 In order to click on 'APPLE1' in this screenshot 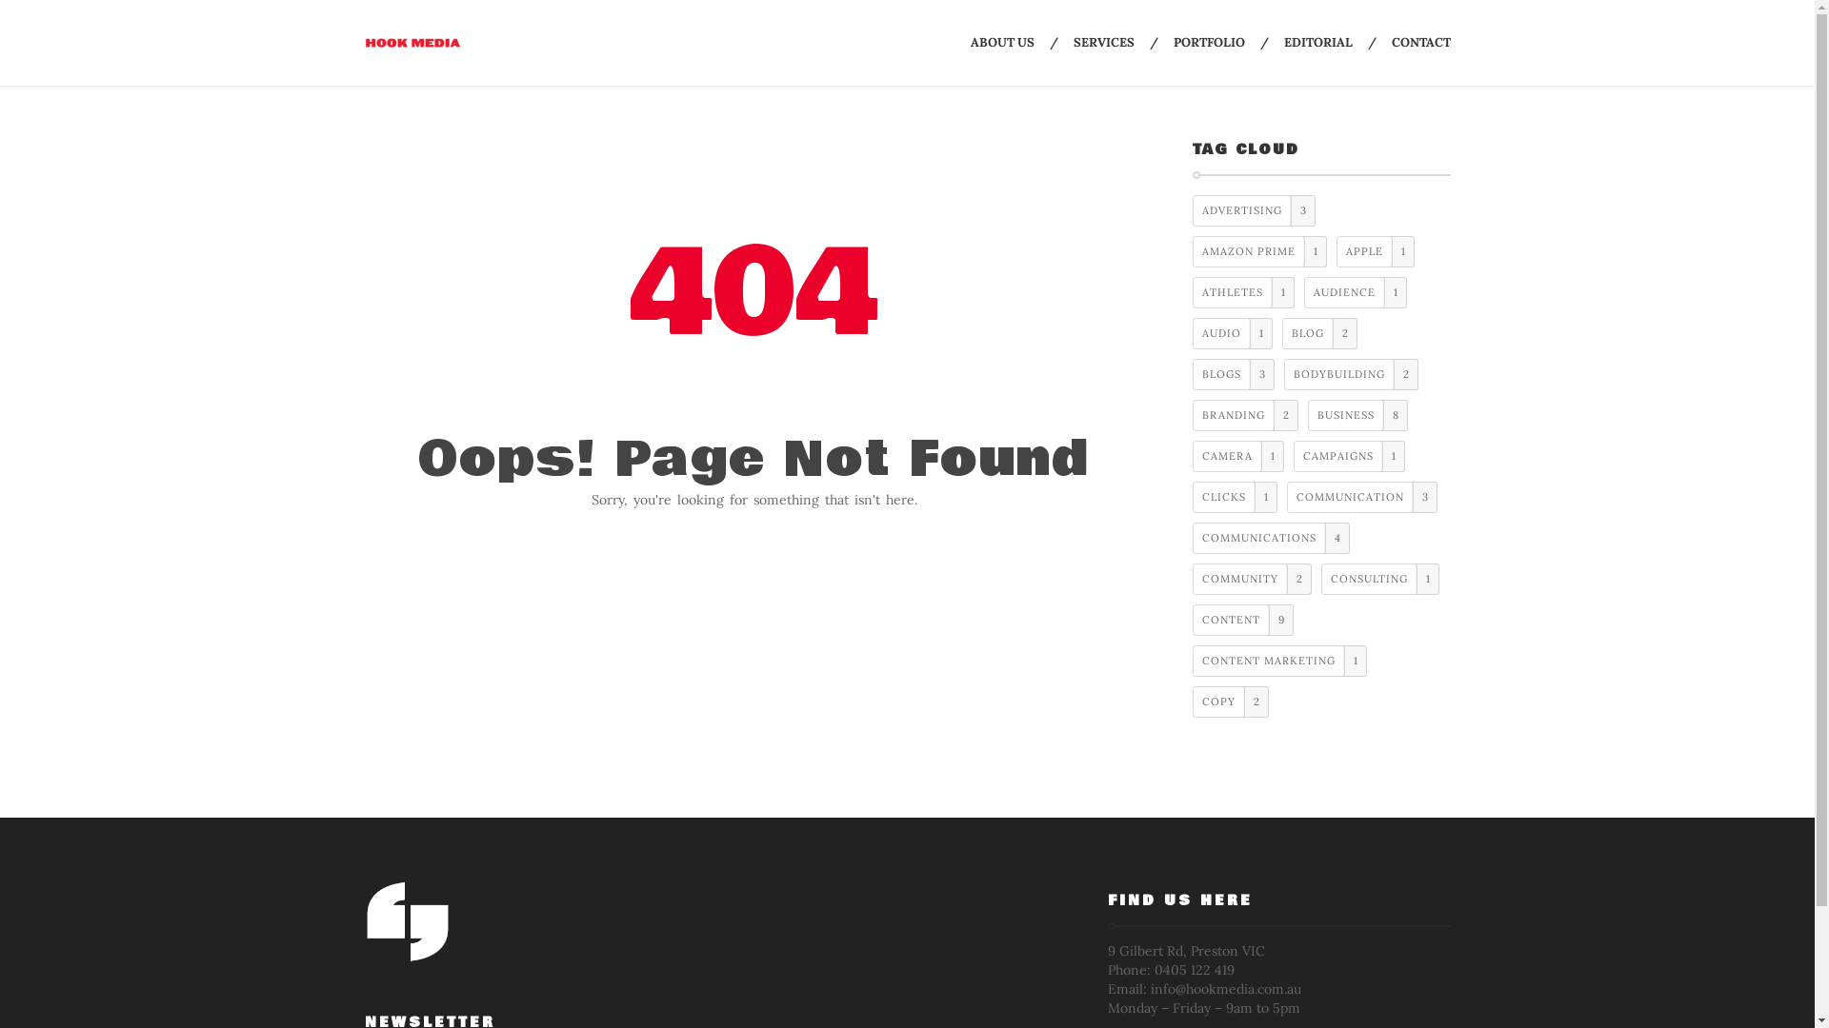, I will do `click(1376, 250)`.